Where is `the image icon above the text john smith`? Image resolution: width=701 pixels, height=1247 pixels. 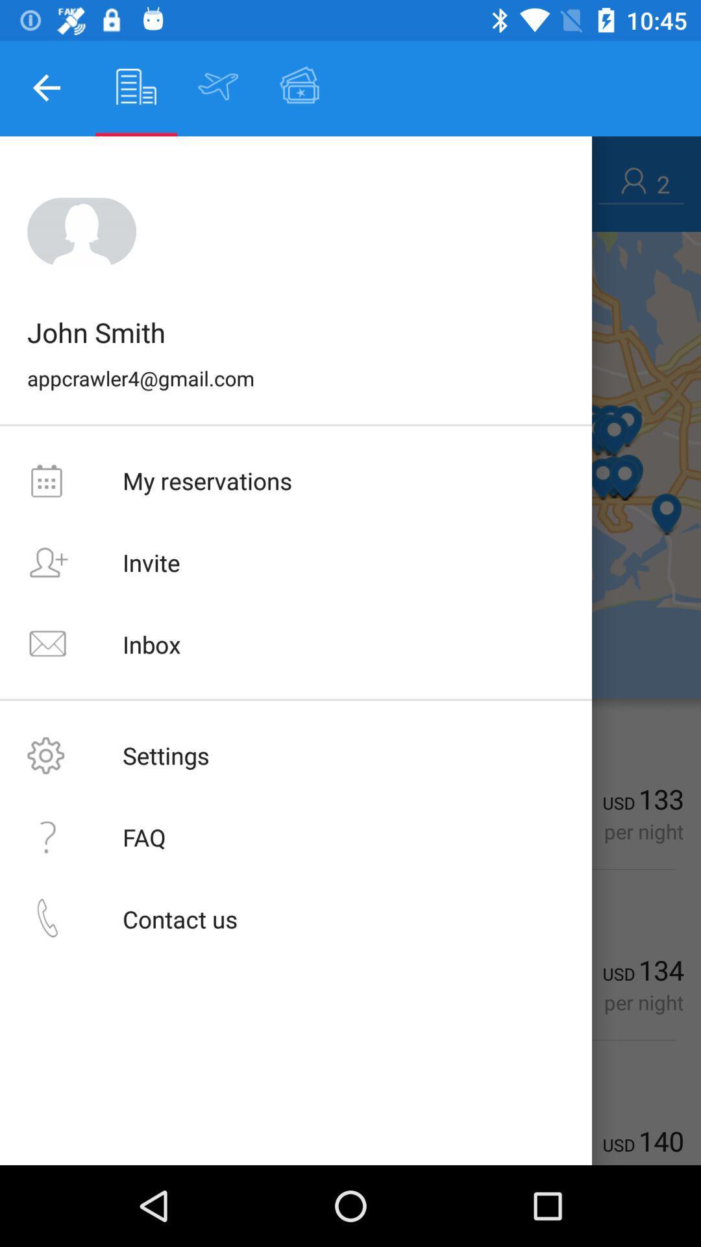 the image icon above the text john smith is located at coordinates (82, 231).